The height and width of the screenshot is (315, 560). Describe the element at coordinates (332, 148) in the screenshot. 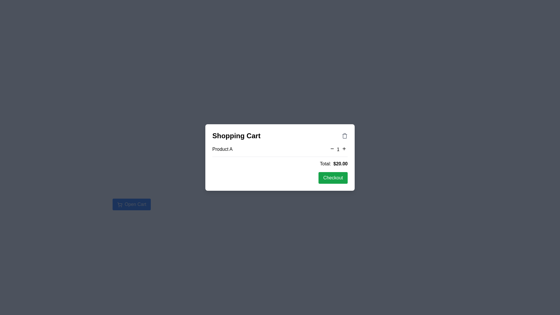

I see `the minus icon, which is the leftmost button in a horizontal numeric control interface, to decrease the item quantity` at that location.